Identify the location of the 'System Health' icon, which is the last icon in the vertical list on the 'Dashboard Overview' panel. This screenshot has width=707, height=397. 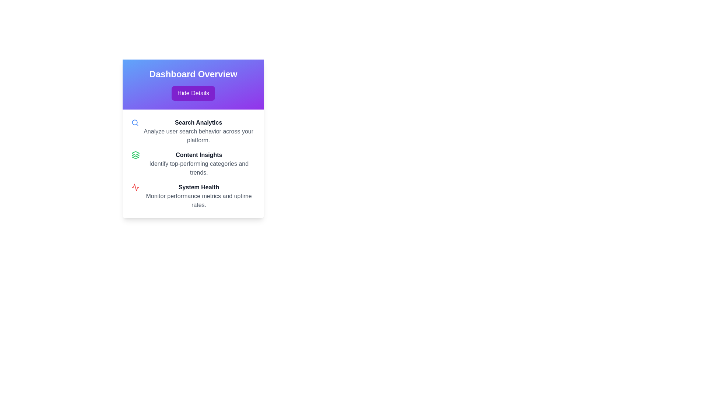
(136, 187).